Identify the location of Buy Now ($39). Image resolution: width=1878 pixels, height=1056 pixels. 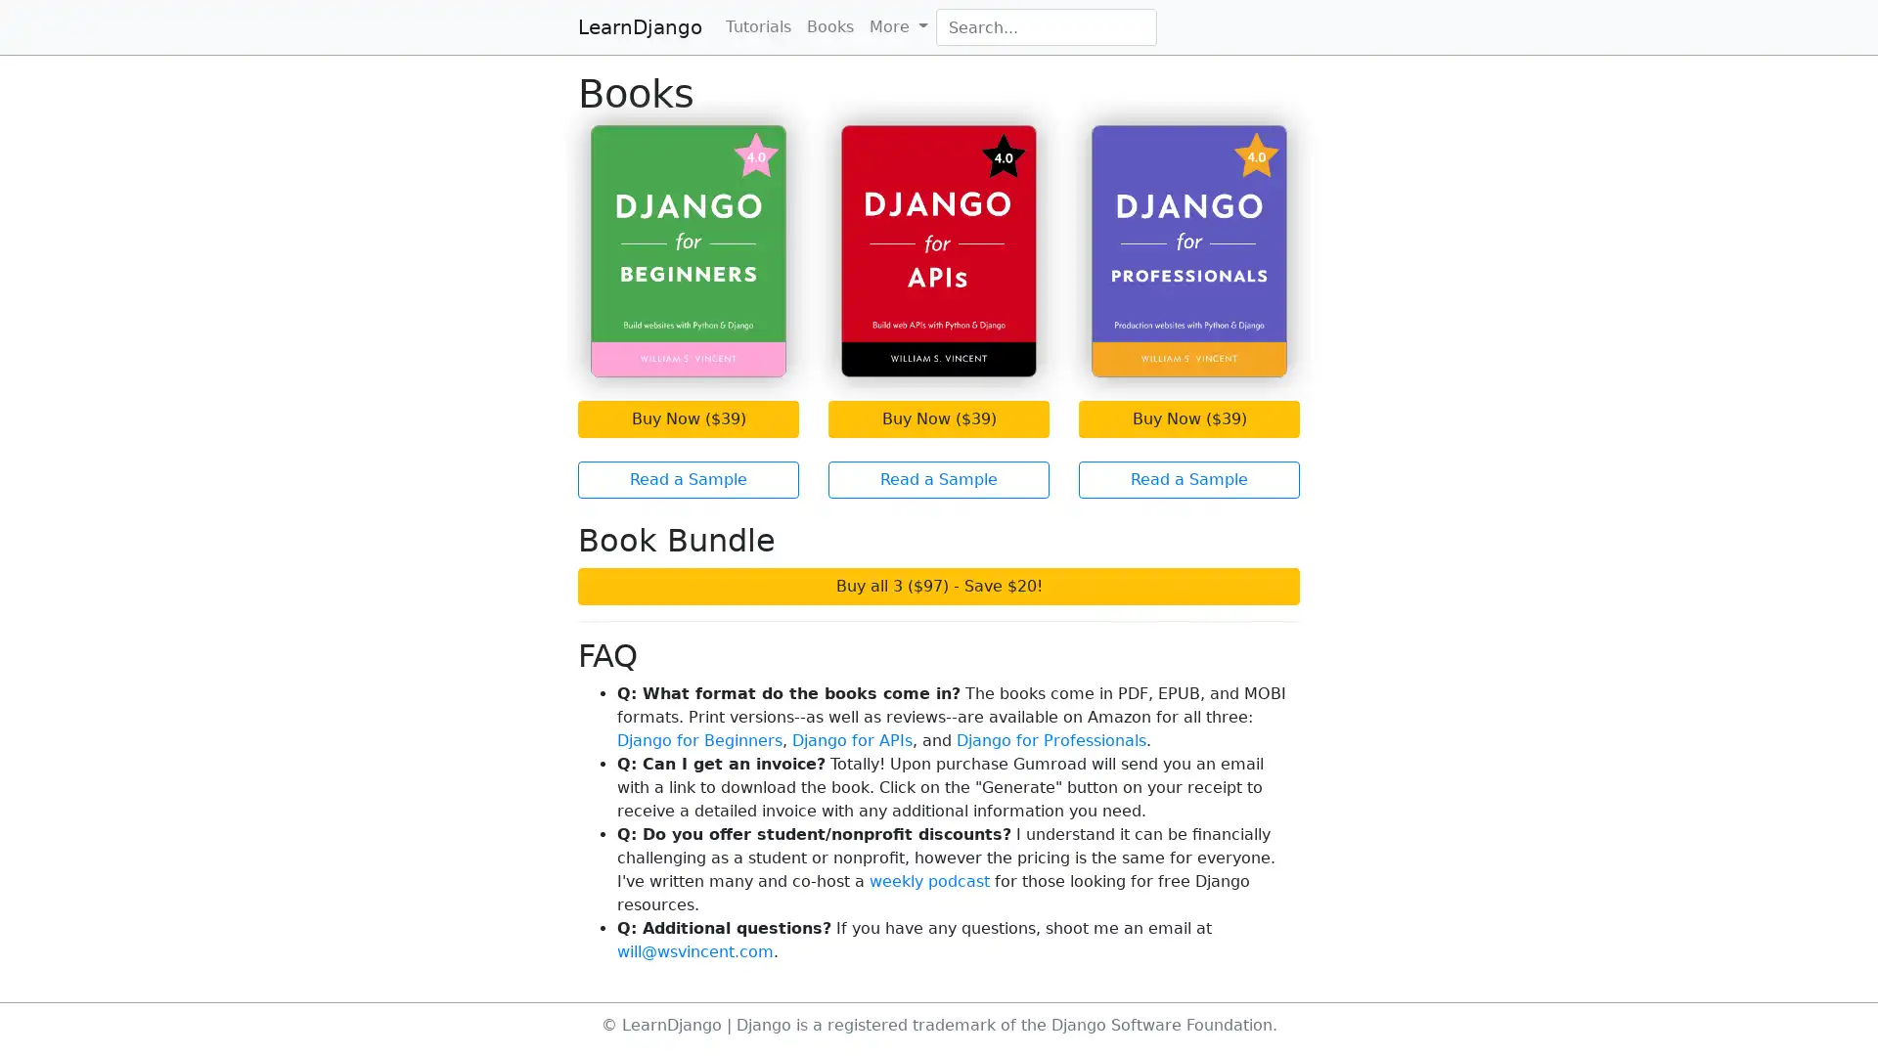
(689, 418).